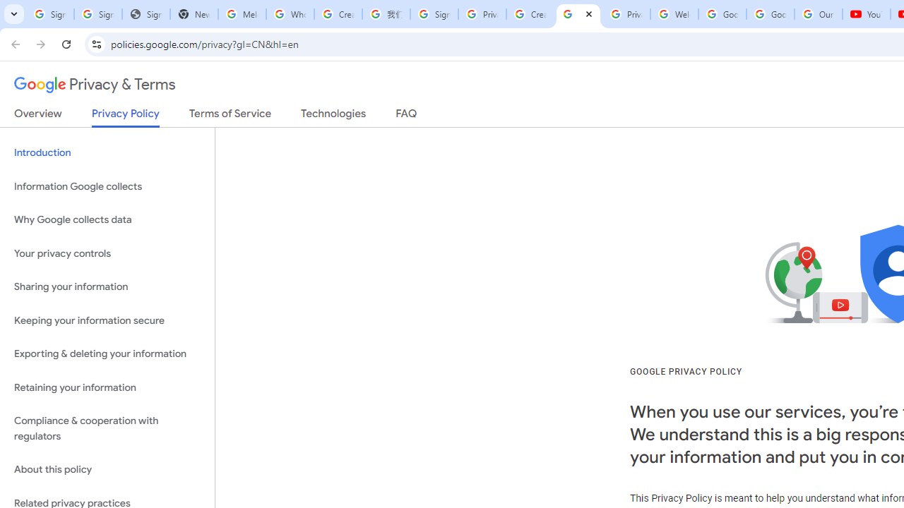  I want to click on 'Sharing your information', so click(107, 286).